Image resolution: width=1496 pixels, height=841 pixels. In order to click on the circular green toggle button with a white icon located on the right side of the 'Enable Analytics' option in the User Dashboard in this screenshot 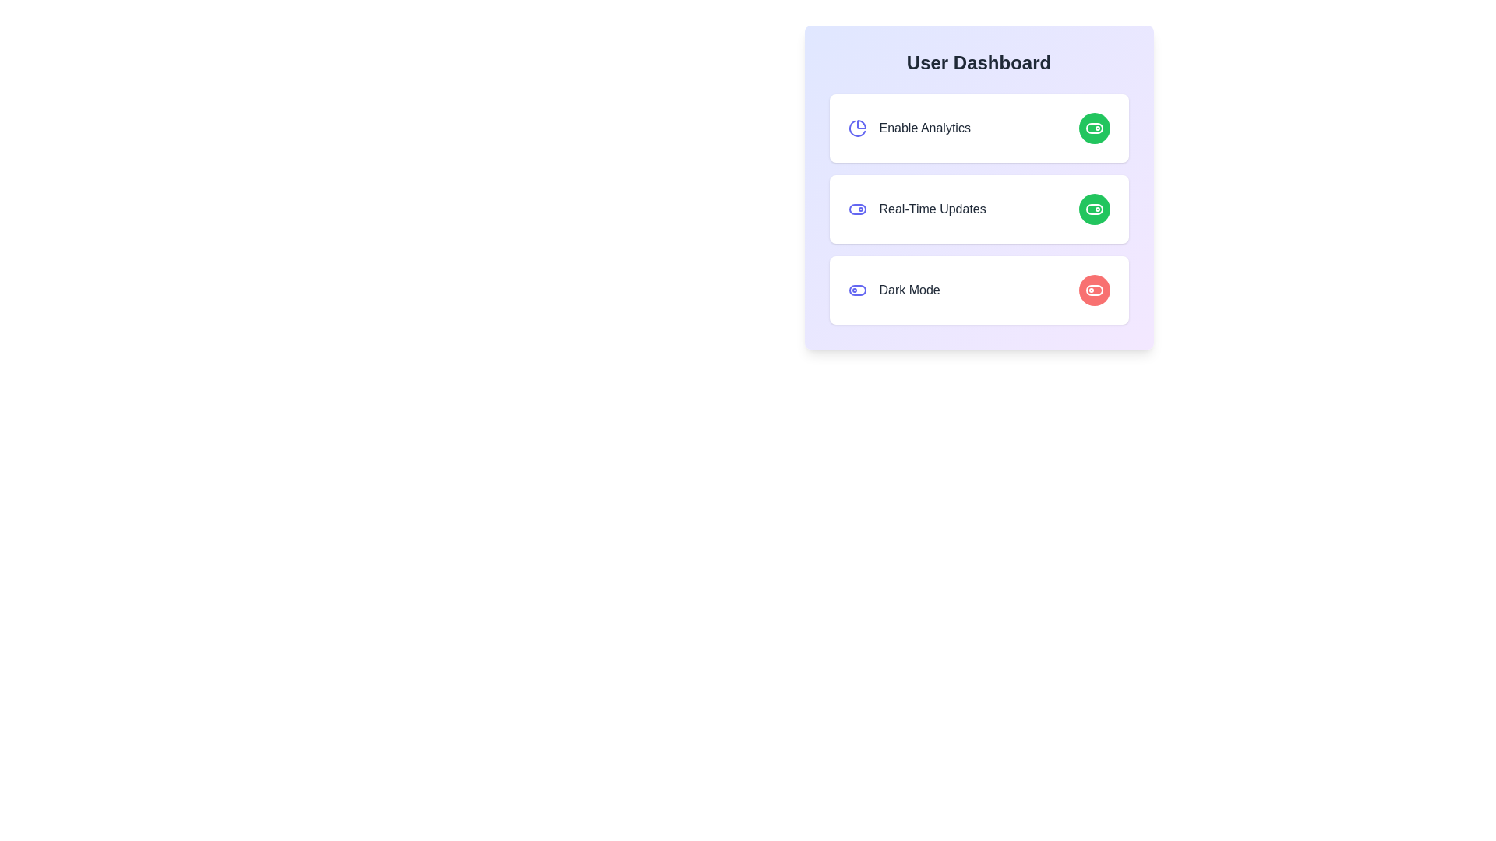, I will do `click(1093, 128)`.